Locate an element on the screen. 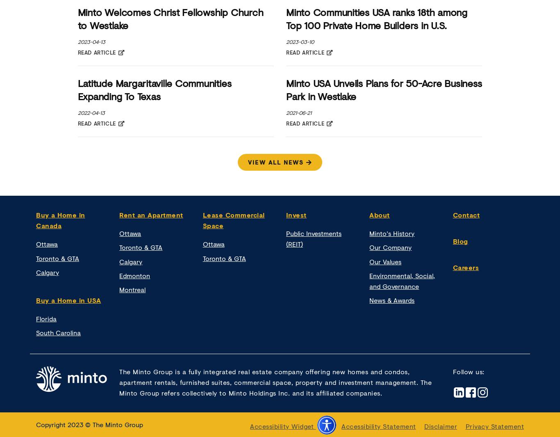 The width and height of the screenshot is (560, 437). 'Minto Communities USA ranks 18th among Top 100 Private Home Builders in U.S.' is located at coordinates (286, 18).